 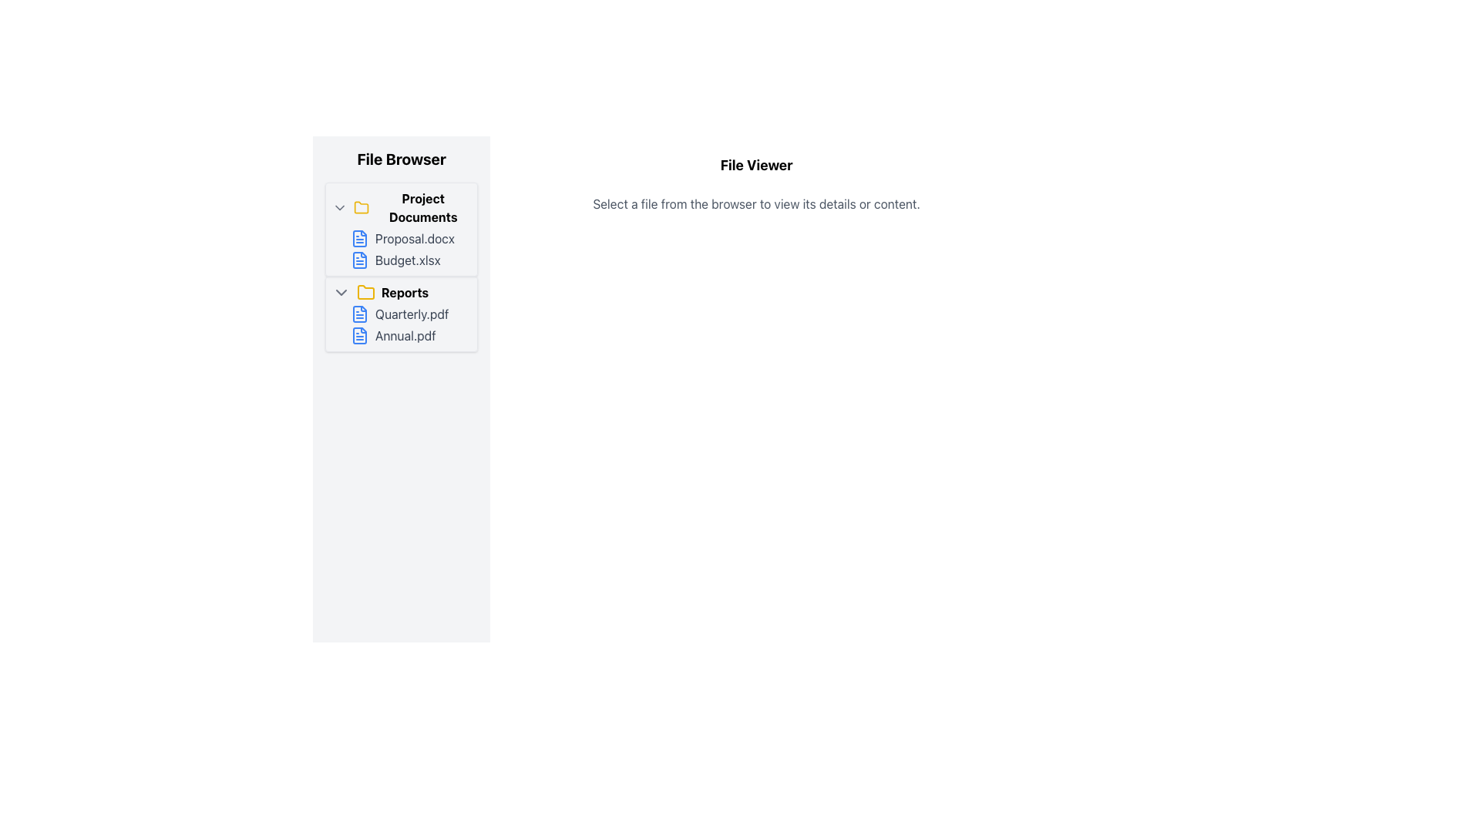 I want to click on the yellow folder icon located directly to the left of the 'Reports' text in the file browser, so click(x=365, y=293).